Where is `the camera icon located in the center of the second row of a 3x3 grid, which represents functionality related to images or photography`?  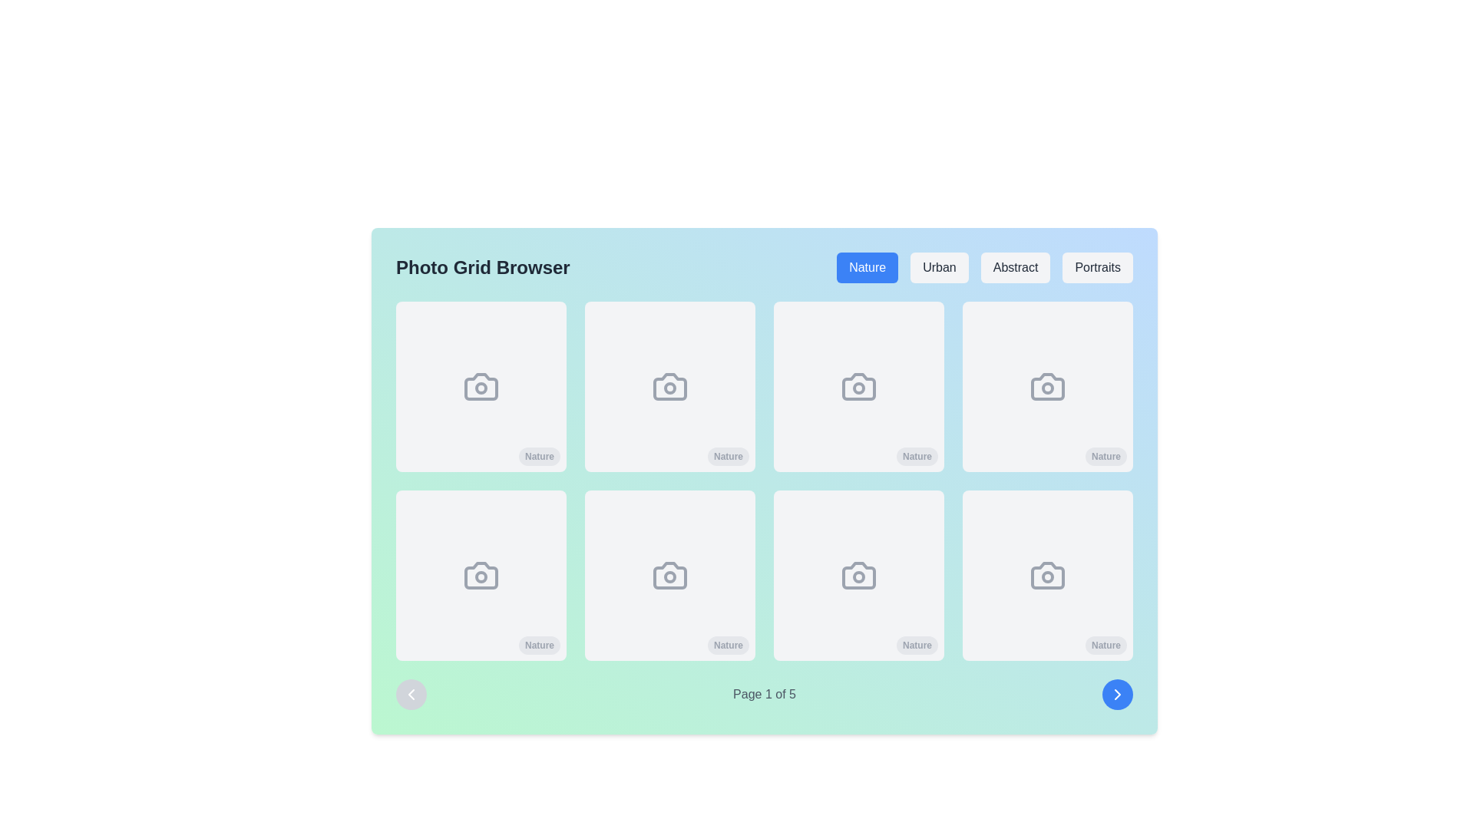
the camera icon located in the center of the second row of a 3x3 grid, which represents functionality related to images or photography is located at coordinates (481, 386).